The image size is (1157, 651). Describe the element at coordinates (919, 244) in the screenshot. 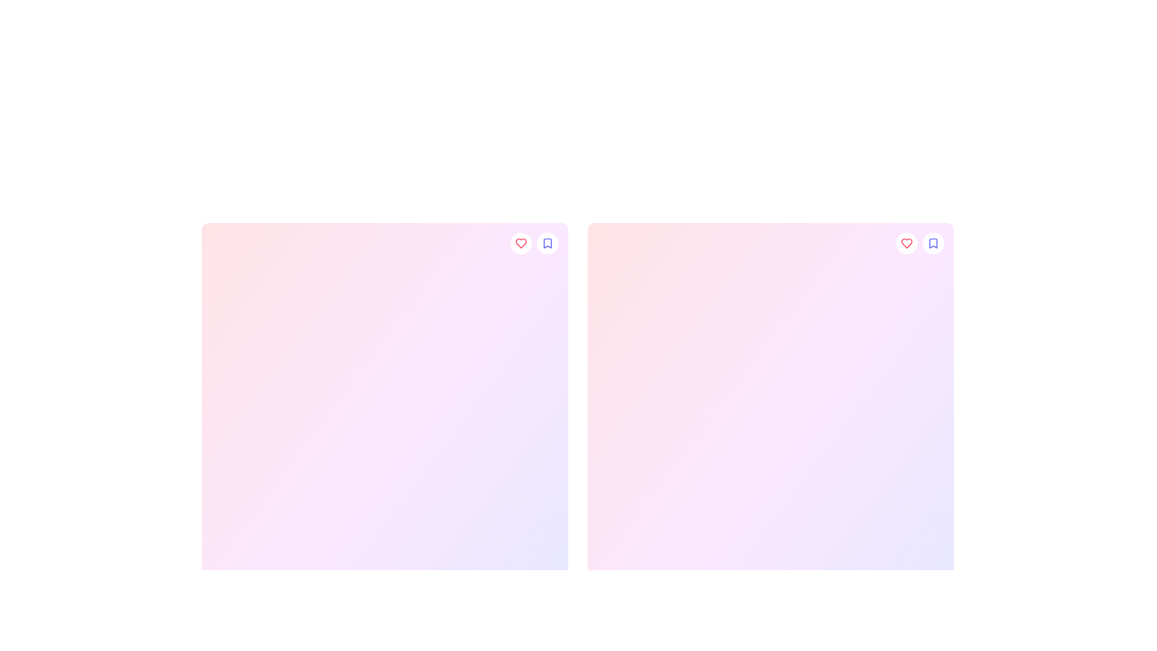

I see `the left button of the button group located at the top-right corner of the card-like structure` at that location.